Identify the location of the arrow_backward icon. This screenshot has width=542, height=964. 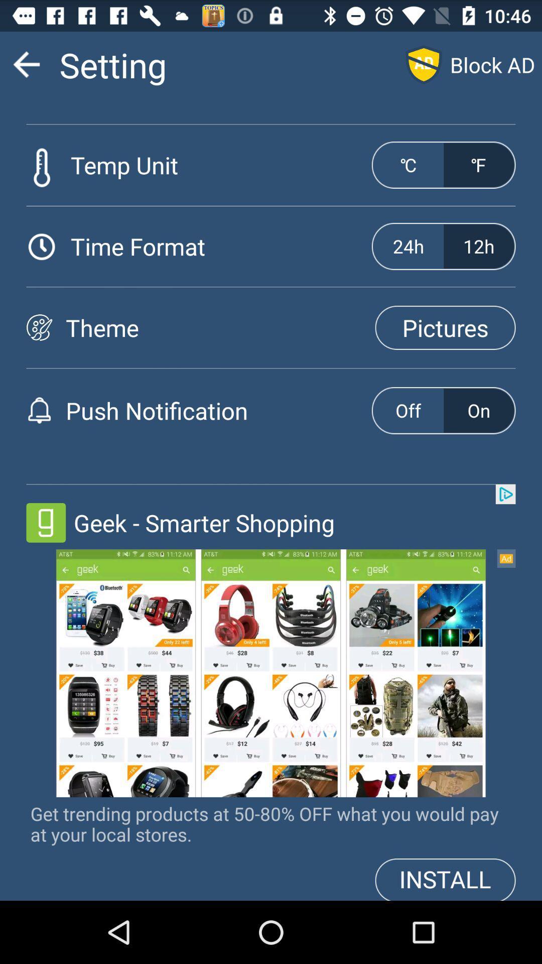
(26, 68).